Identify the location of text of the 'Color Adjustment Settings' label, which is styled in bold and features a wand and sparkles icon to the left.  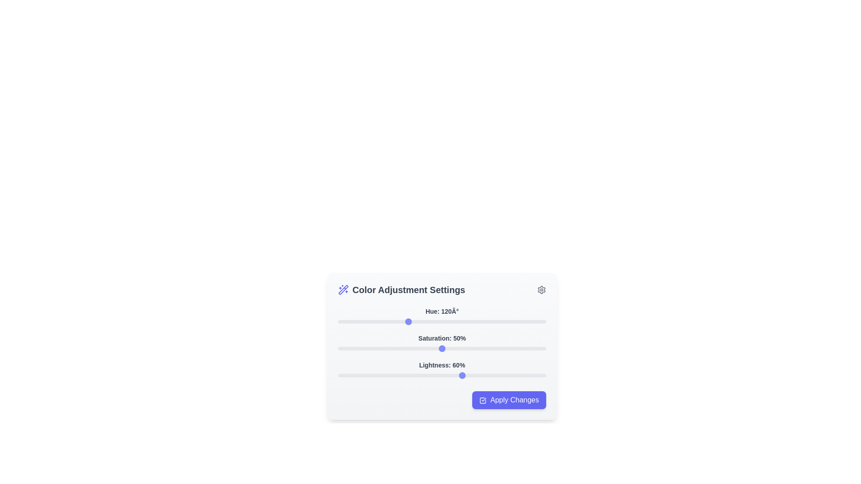
(401, 290).